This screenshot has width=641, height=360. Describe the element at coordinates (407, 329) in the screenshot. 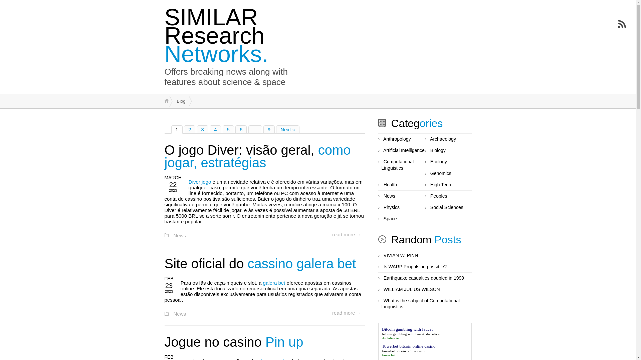

I see `'Bitcoin gambling with faucet'` at that location.